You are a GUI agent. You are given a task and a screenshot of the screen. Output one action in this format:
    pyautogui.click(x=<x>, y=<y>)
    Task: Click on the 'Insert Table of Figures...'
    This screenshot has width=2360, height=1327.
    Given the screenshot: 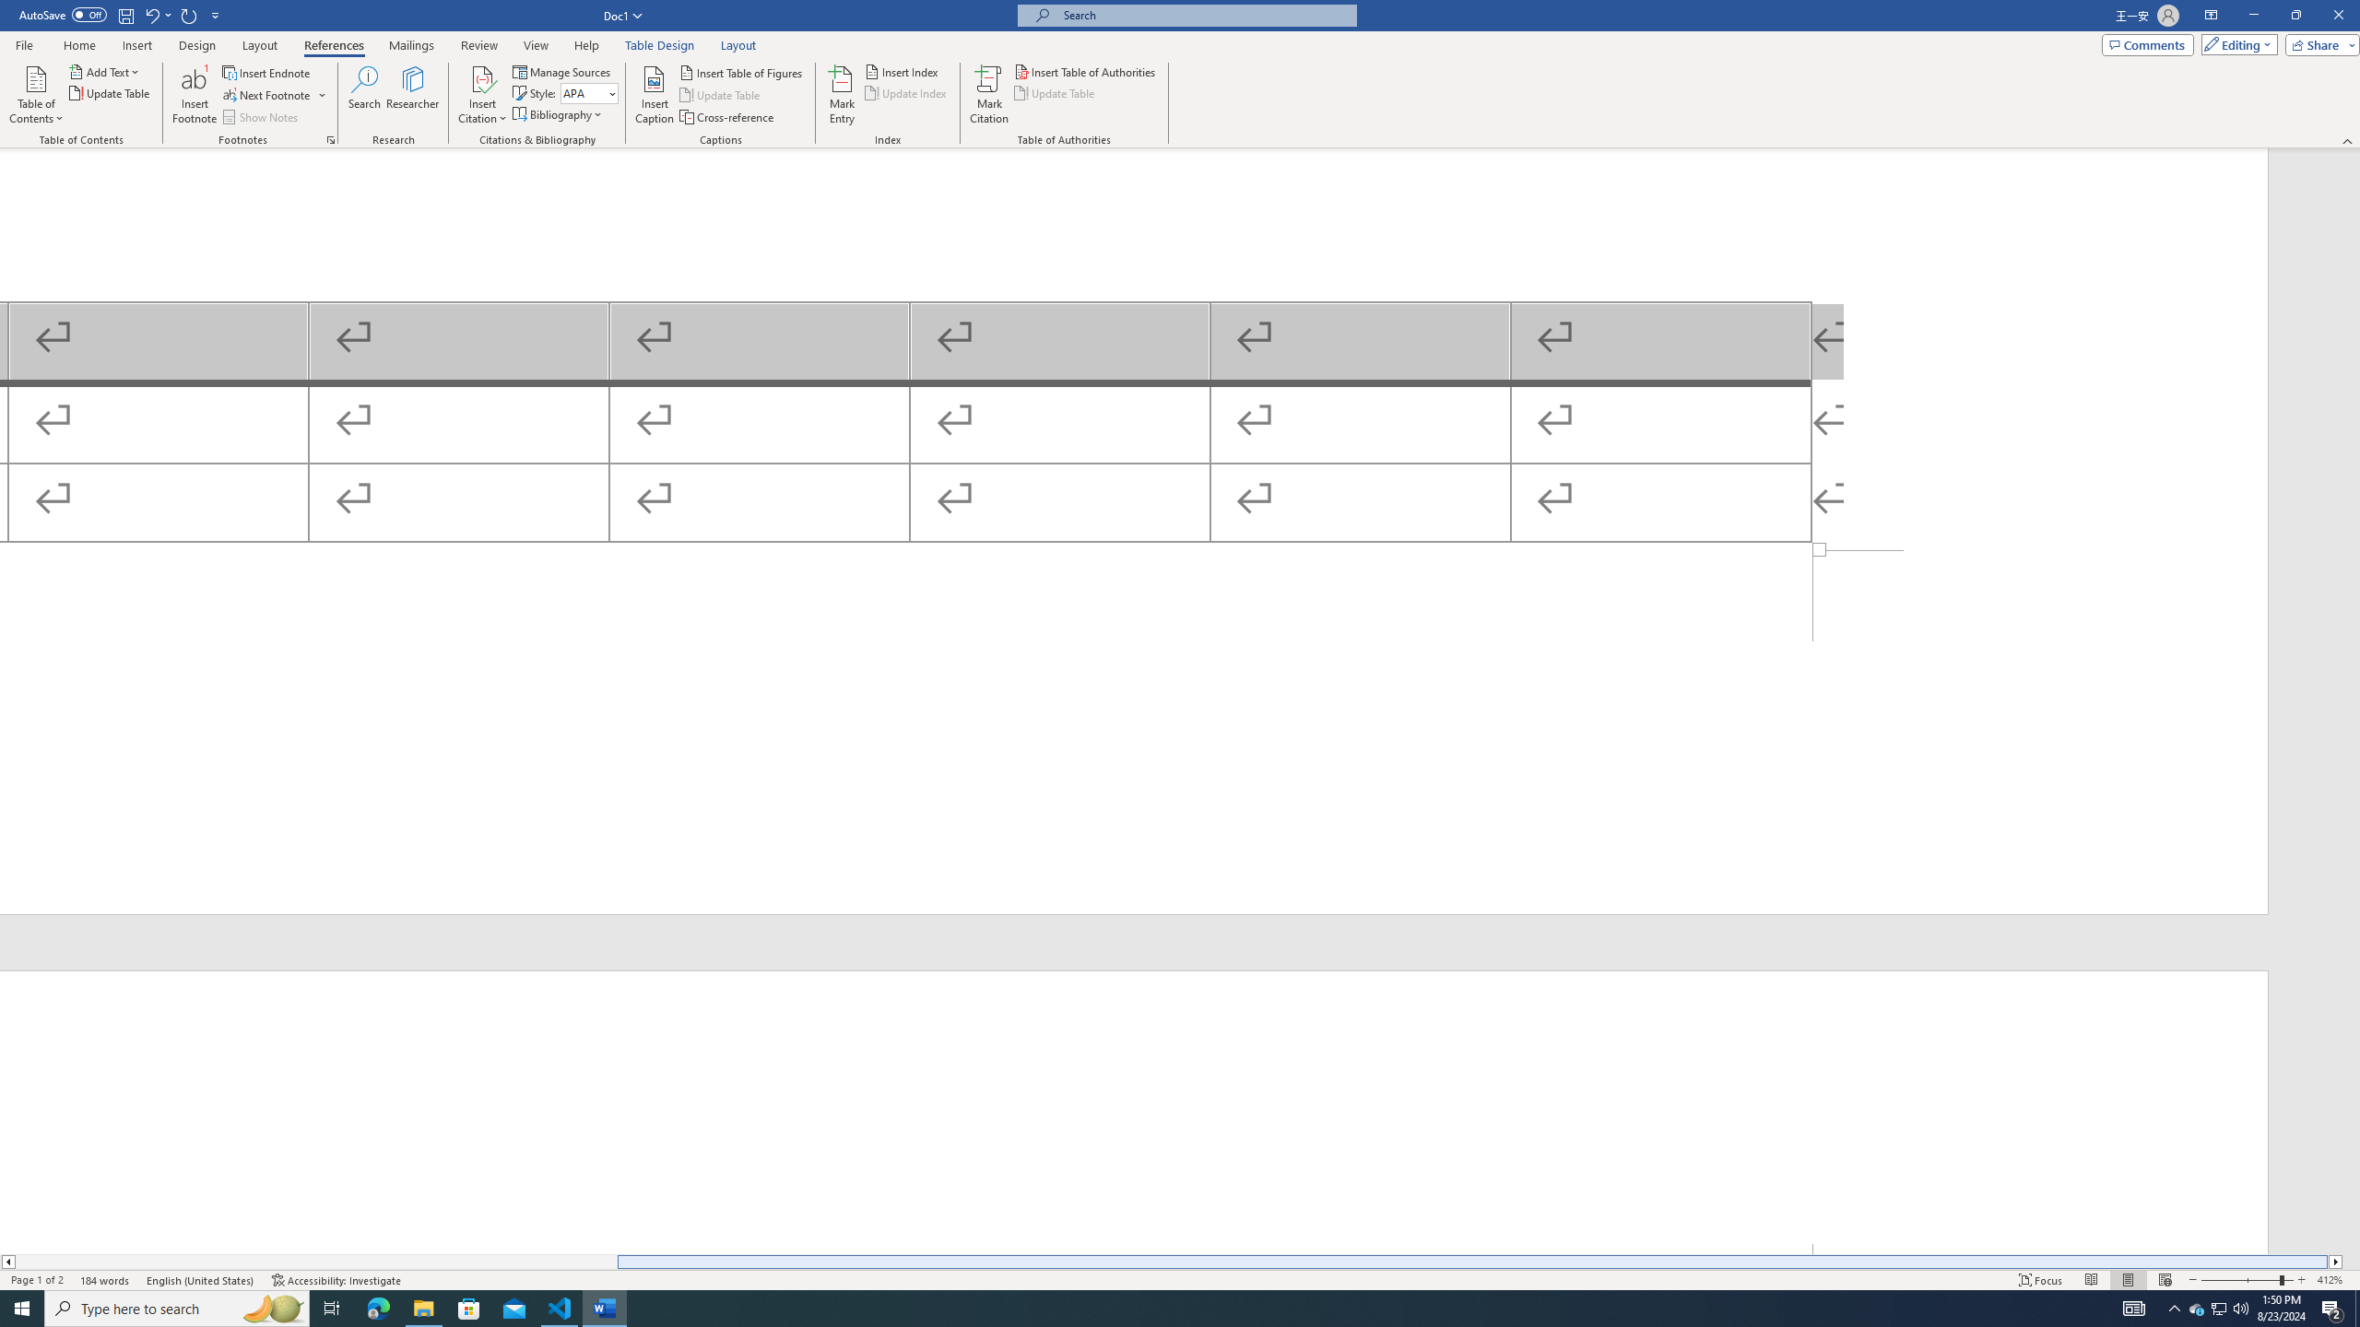 What is the action you would take?
    pyautogui.click(x=743, y=72)
    